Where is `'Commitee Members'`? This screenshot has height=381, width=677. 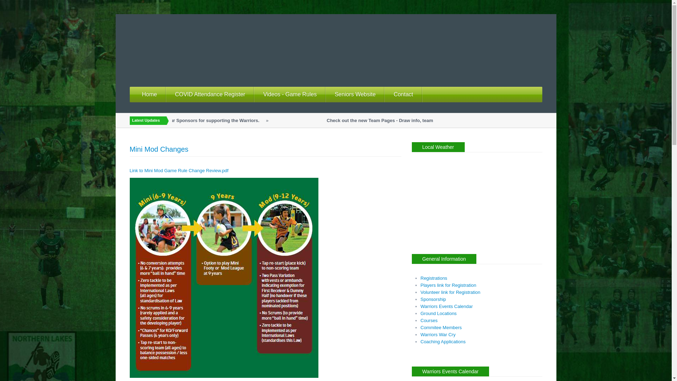 'Commitee Members' is located at coordinates (440, 327).